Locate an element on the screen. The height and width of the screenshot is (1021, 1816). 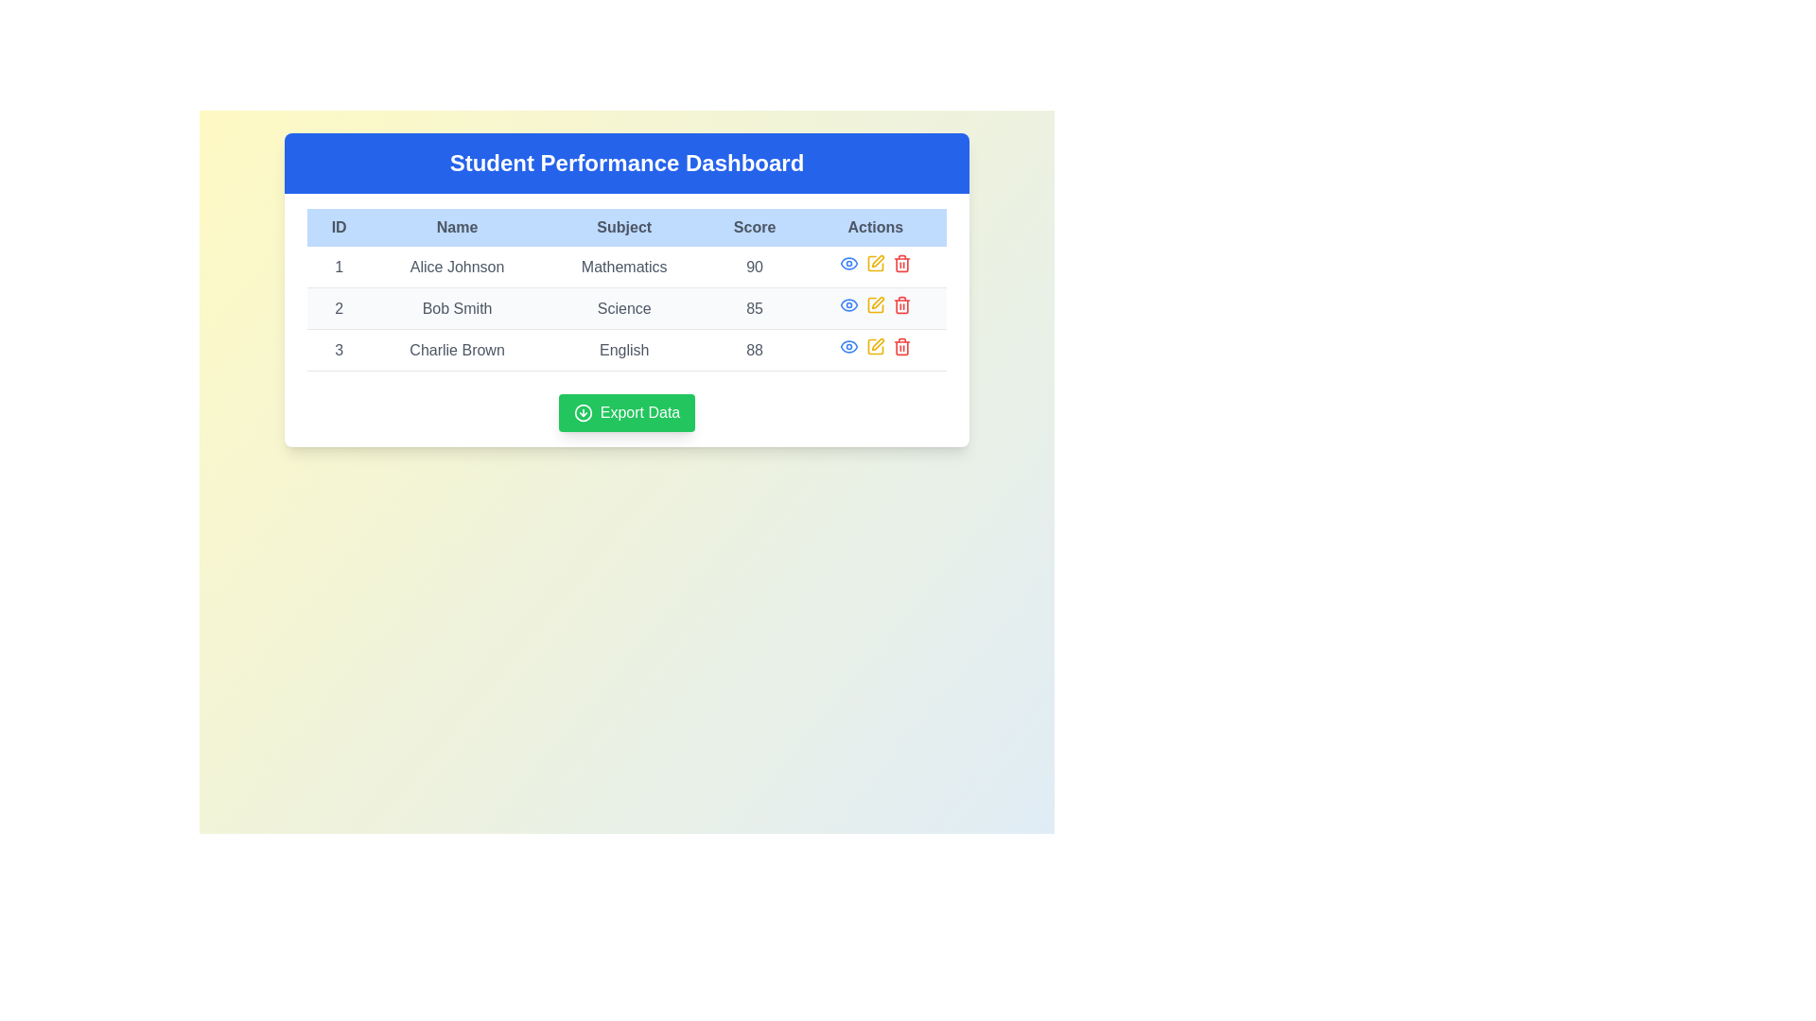
the Table Header Label displaying 'Subject', which has a light blue background and dark gray text, located in the upper-center region of the table, between 'Name' and 'Score' is located at coordinates (624, 226).